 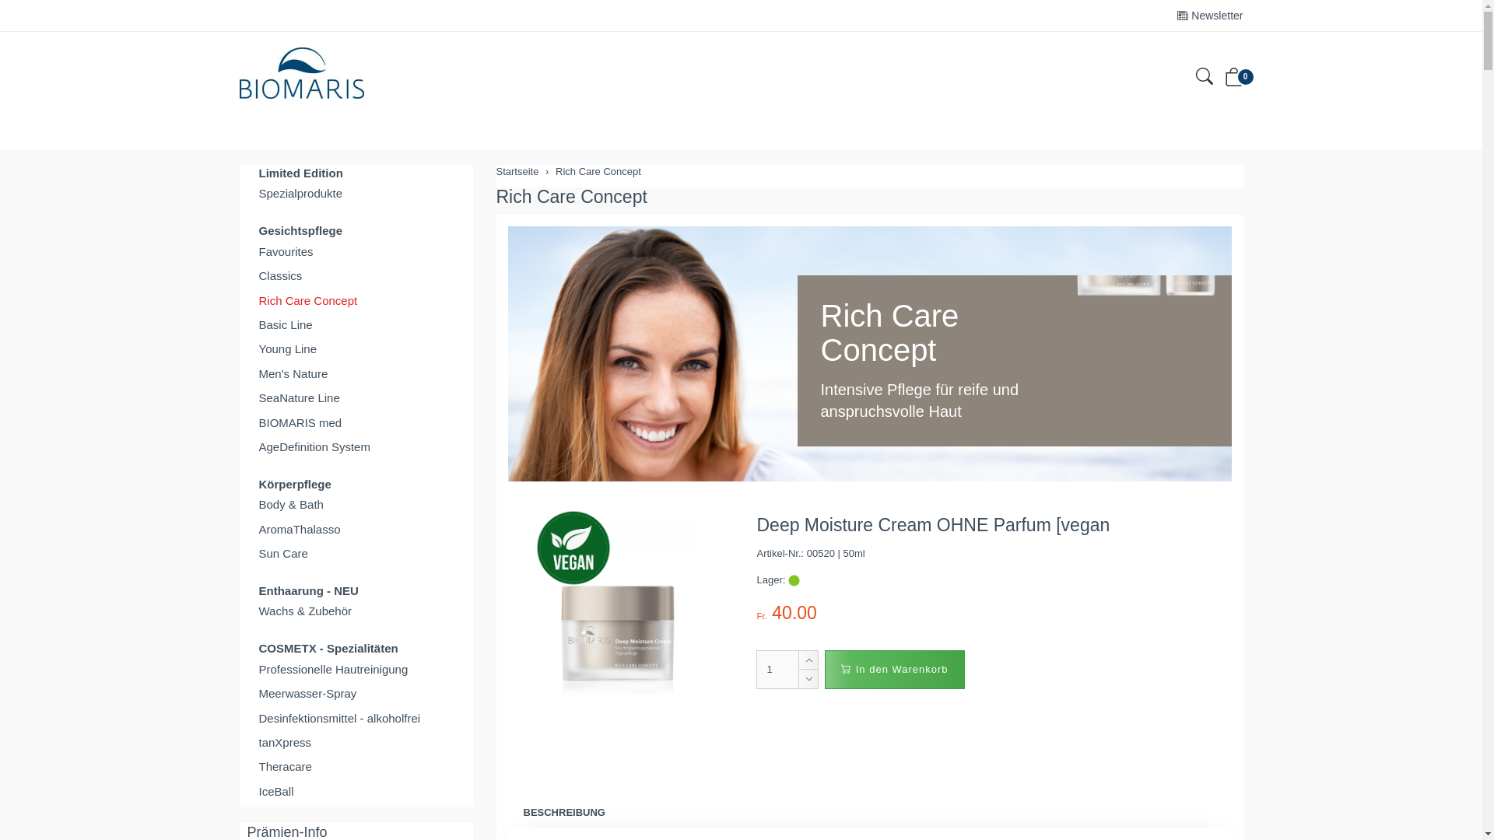 I want to click on 'Basic Line', so click(x=355, y=324).